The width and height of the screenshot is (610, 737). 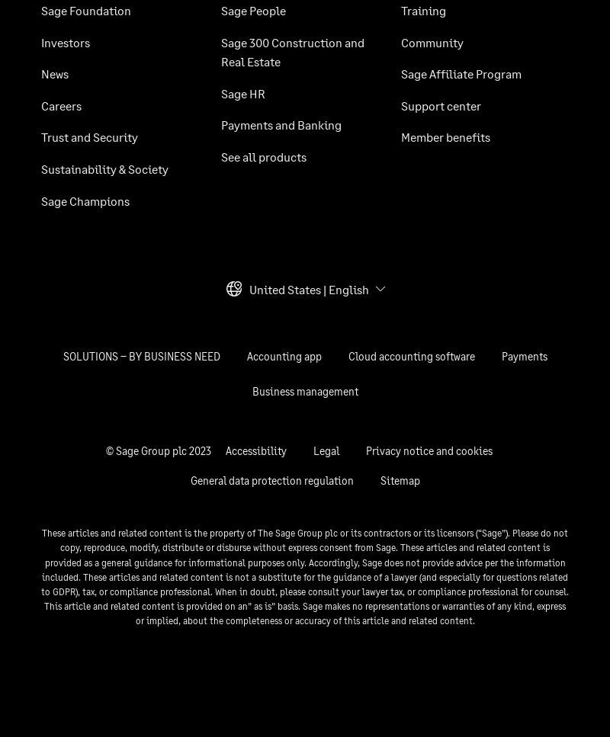 What do you see at coordinates (140, 355) in the screenshot?
I see `'SOLUTIONS – BY BUSINESS NEED'` at bounding box center [140, 355].